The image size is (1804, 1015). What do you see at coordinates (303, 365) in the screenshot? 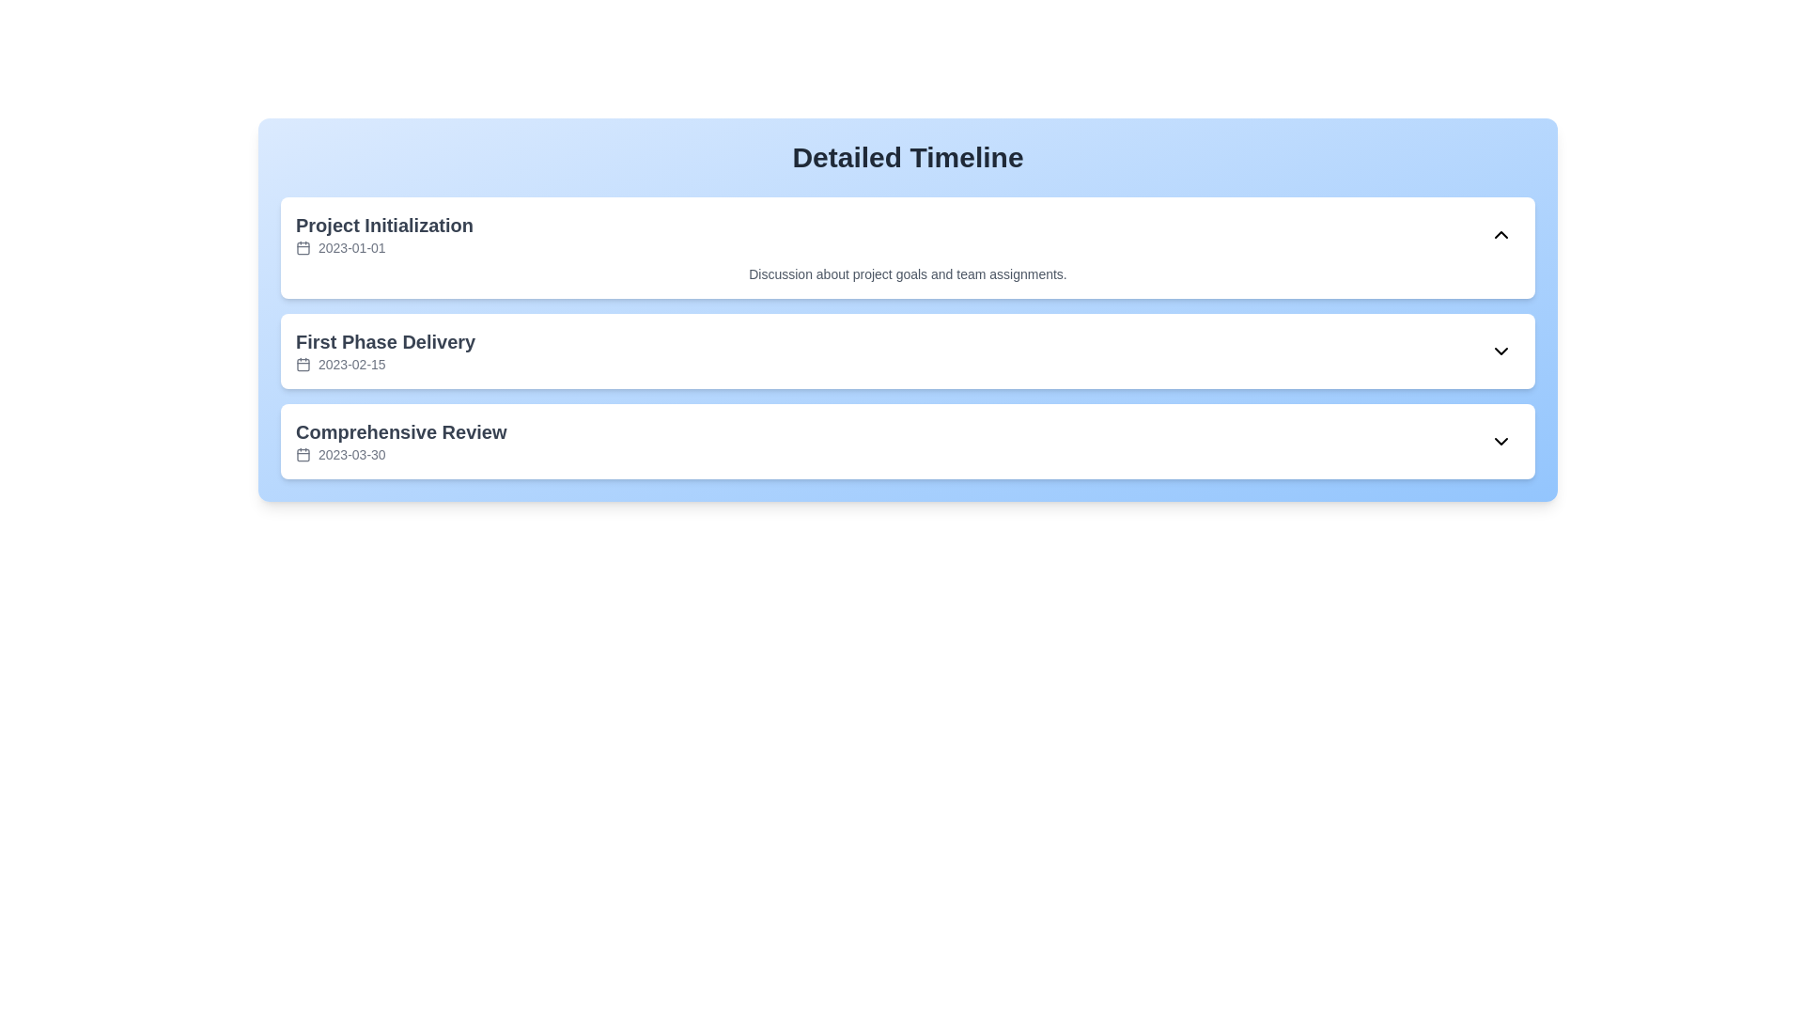
I see `the calendar icon component representing the date associated with the timeline entry, which is located next to the date '2023-02-15'` at bounding box center [303, 365].